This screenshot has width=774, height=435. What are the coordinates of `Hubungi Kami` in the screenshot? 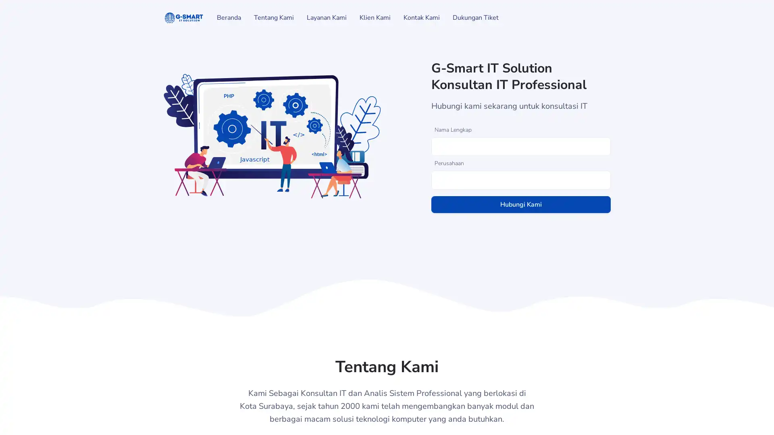 It's located at (521, 203).